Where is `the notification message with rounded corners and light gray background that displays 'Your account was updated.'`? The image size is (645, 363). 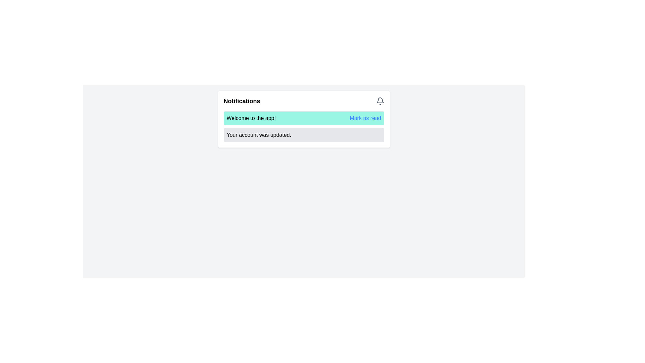 the notification message with rounded corners and light gray background that displays 'Your account was updated.' is located at coordinates (303, 135).